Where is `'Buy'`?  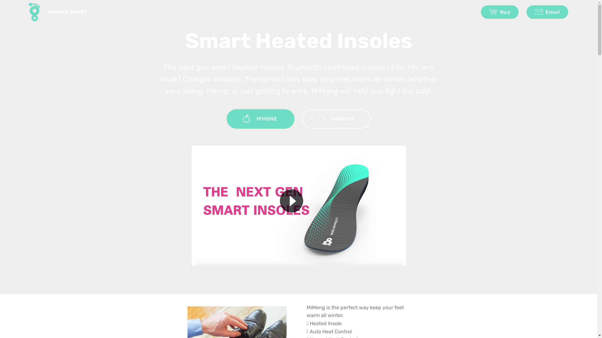 'Buy' is located at coordinates (499, 12).